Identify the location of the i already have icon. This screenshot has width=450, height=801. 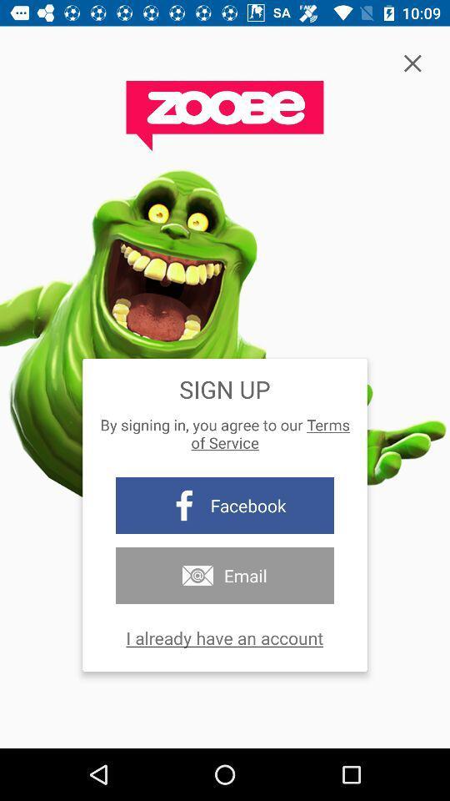
(224, 637).